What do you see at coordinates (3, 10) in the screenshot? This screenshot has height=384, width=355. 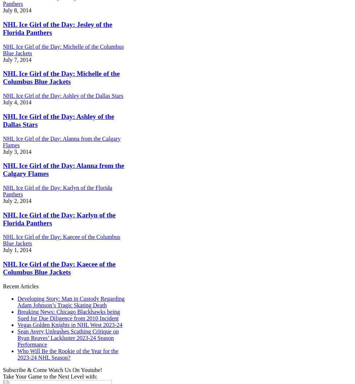 I see `'July 8, 2014'` at bounding box center [3, 10].